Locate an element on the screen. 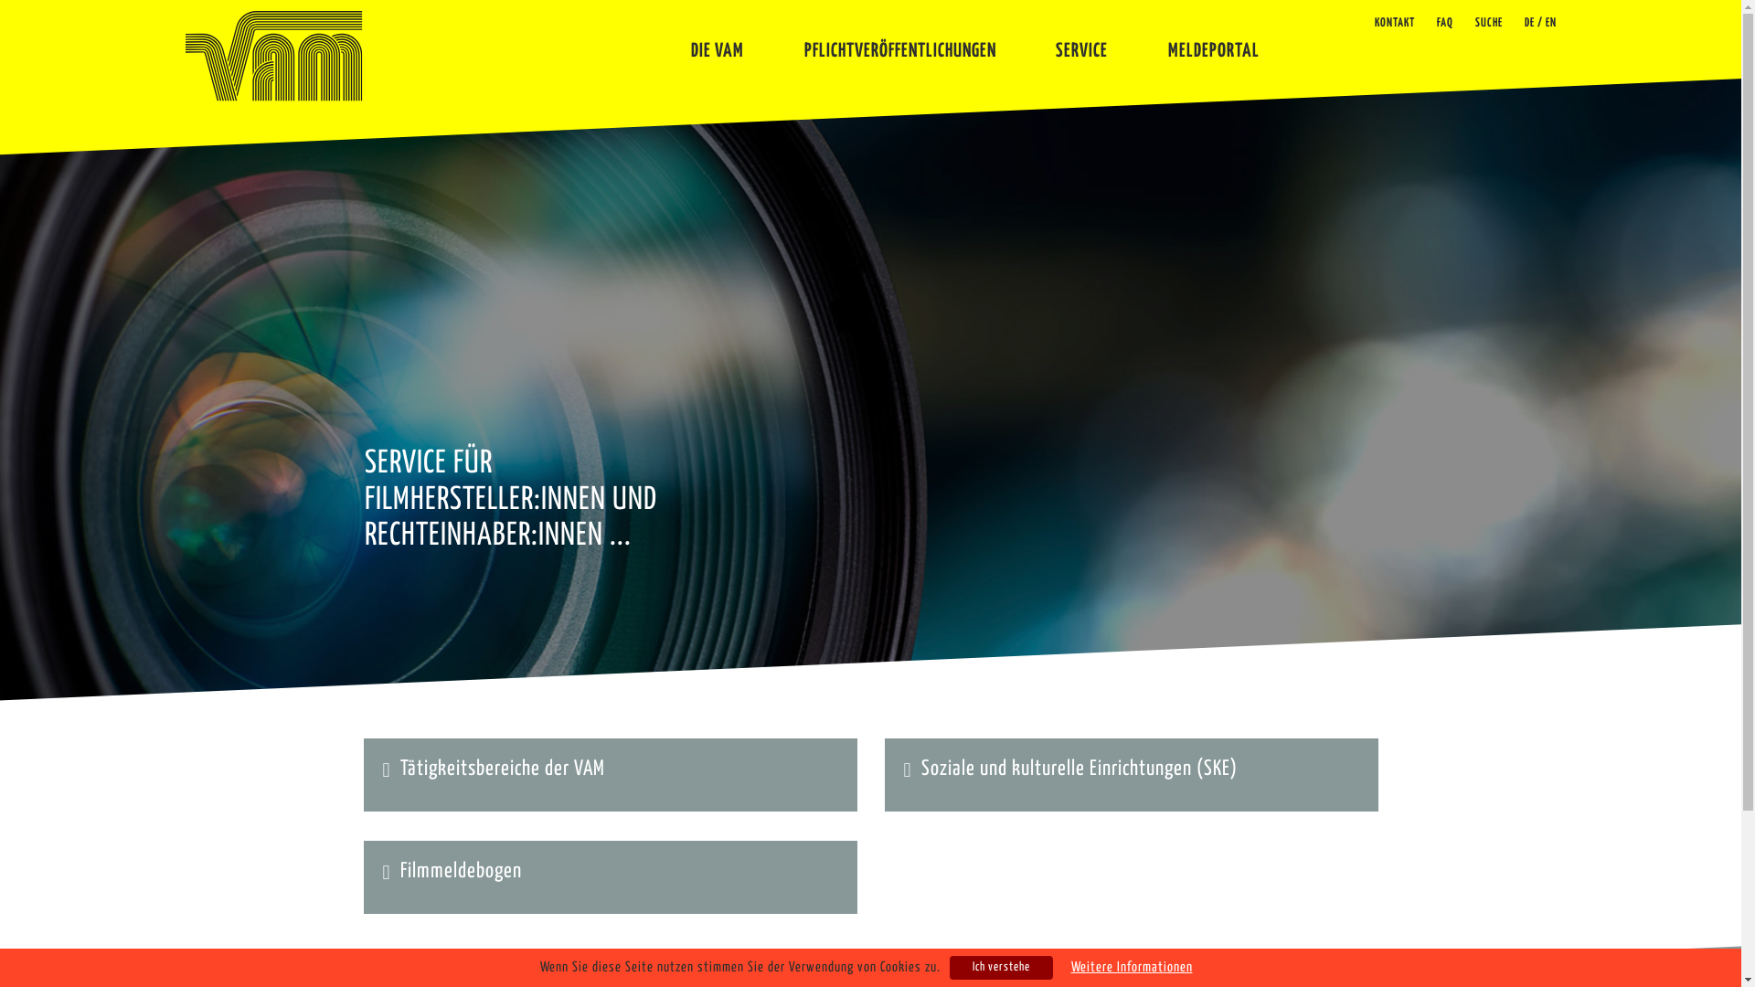 The width and height of the screenshot is (1755, 987). 'FAQ' is located at coordinates (1443, 23).